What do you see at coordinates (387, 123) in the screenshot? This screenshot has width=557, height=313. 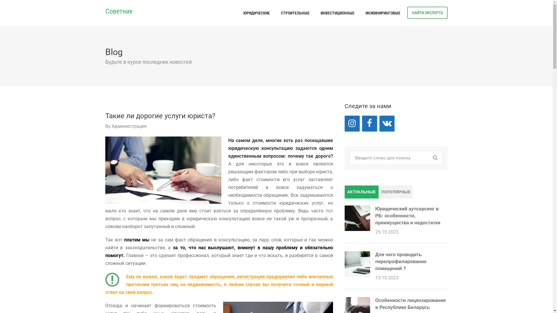 I see `'VK'` at bounding box center [387, 123].